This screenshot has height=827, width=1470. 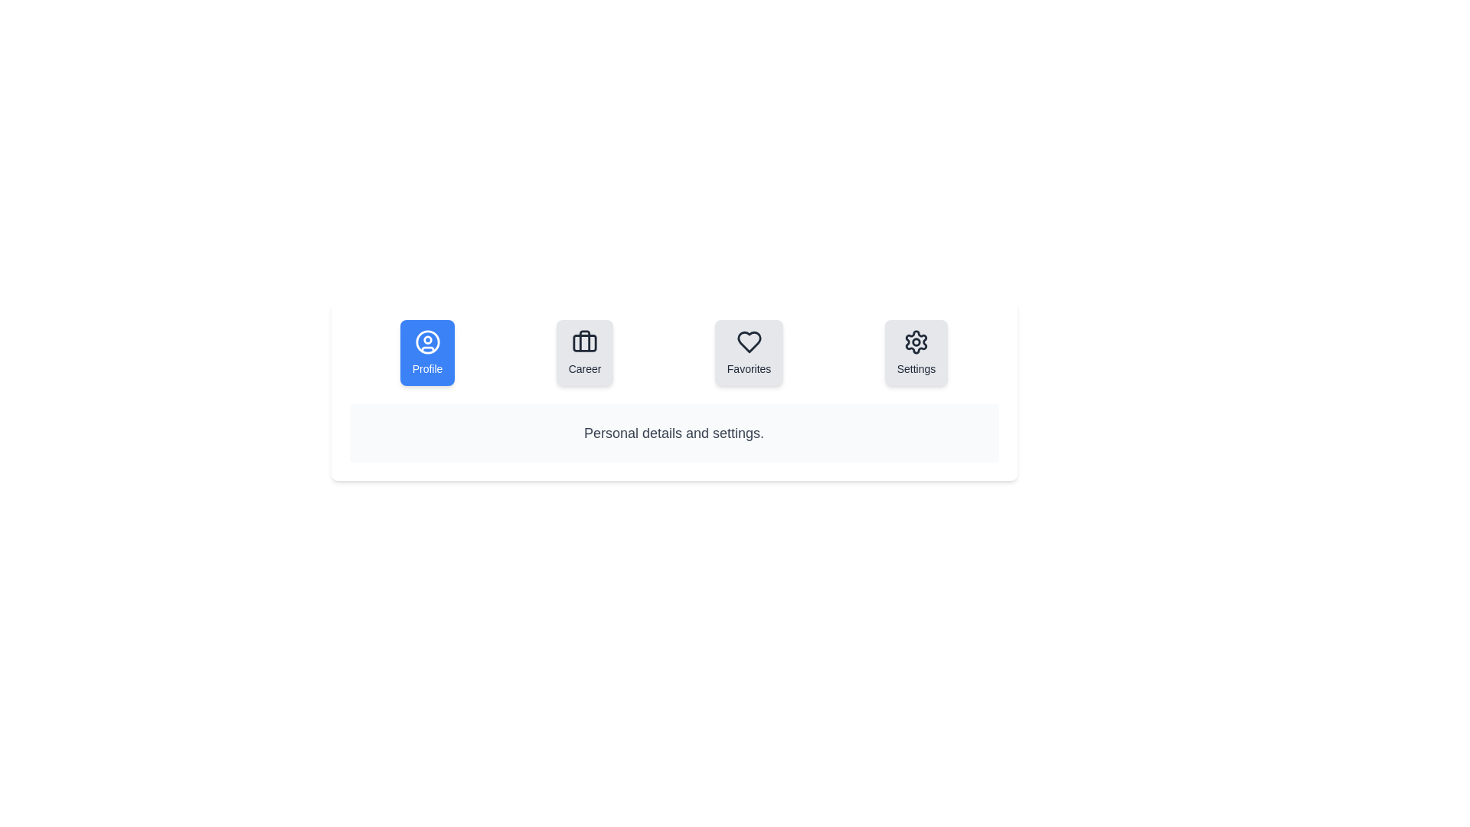 I want to click on the Settings tab, so click(x=916, y=353).